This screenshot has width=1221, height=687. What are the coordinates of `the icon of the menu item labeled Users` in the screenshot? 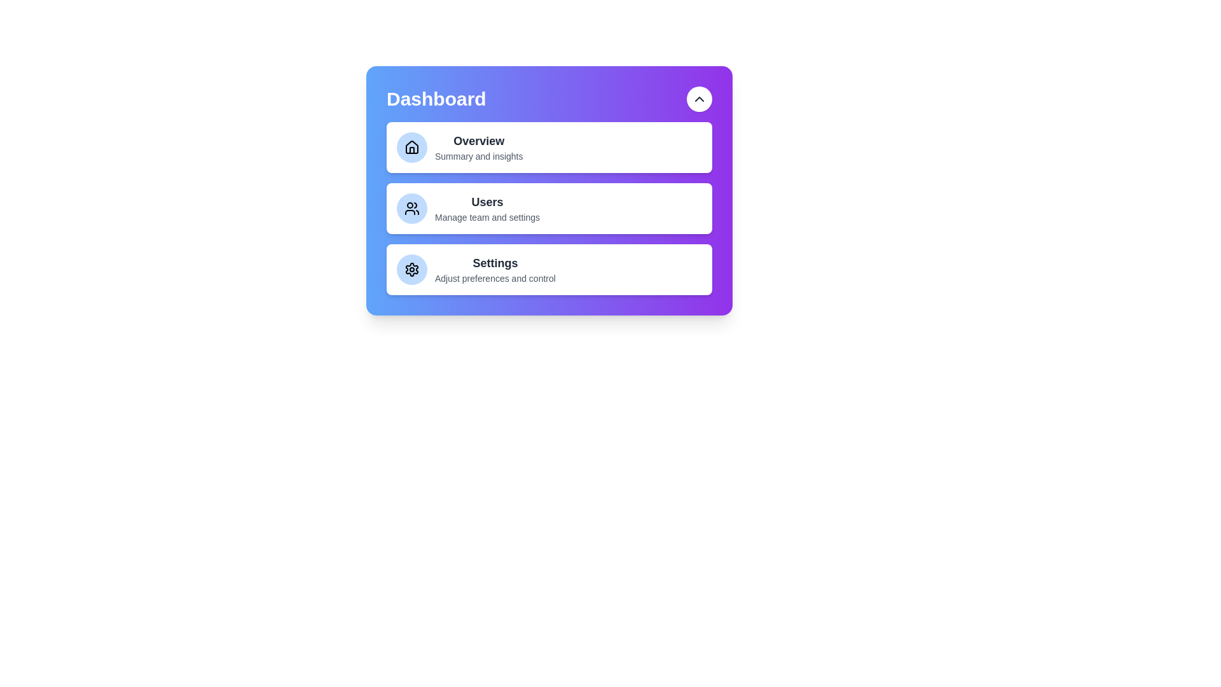 It's located at (412, 207).